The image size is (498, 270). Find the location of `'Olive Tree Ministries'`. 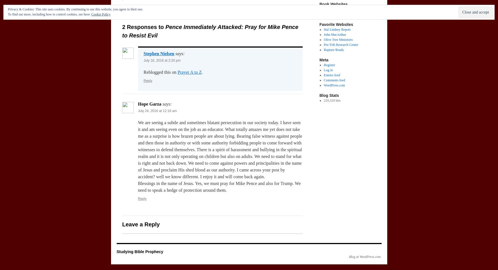

'Olive Tree Ministries' is located at coordinates (338, 39).